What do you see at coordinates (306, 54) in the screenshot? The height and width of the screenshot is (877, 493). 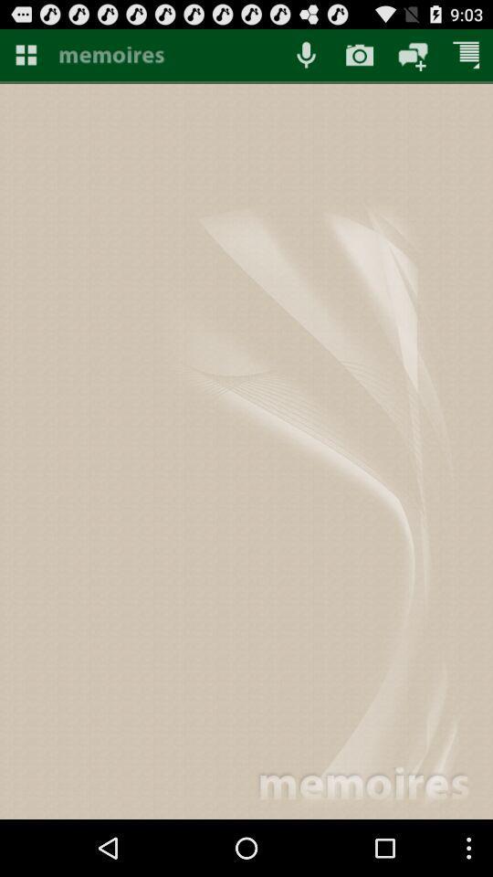 I see `start microphone` at bounding box center [306, 54].